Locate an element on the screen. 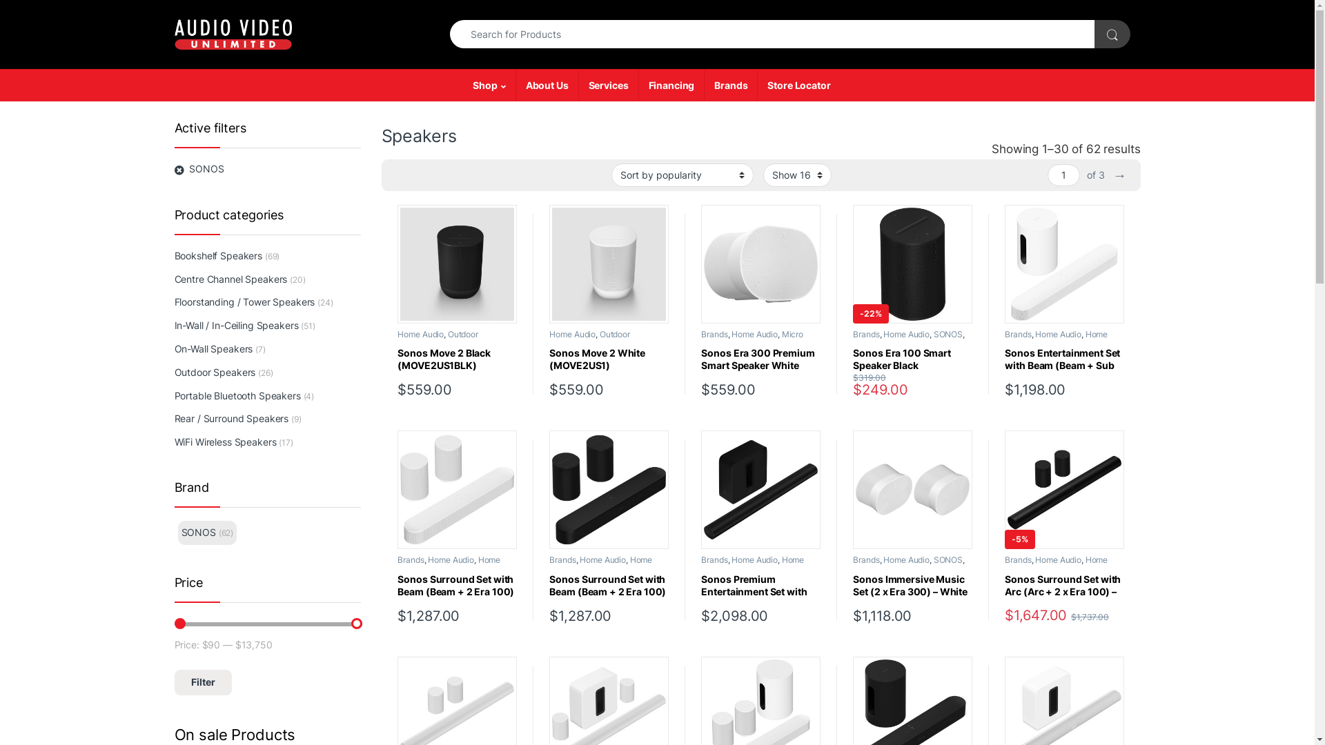  'Sonos Move 2 Black (MOVE2US1BLK)' is located at coordinates (457, 358).